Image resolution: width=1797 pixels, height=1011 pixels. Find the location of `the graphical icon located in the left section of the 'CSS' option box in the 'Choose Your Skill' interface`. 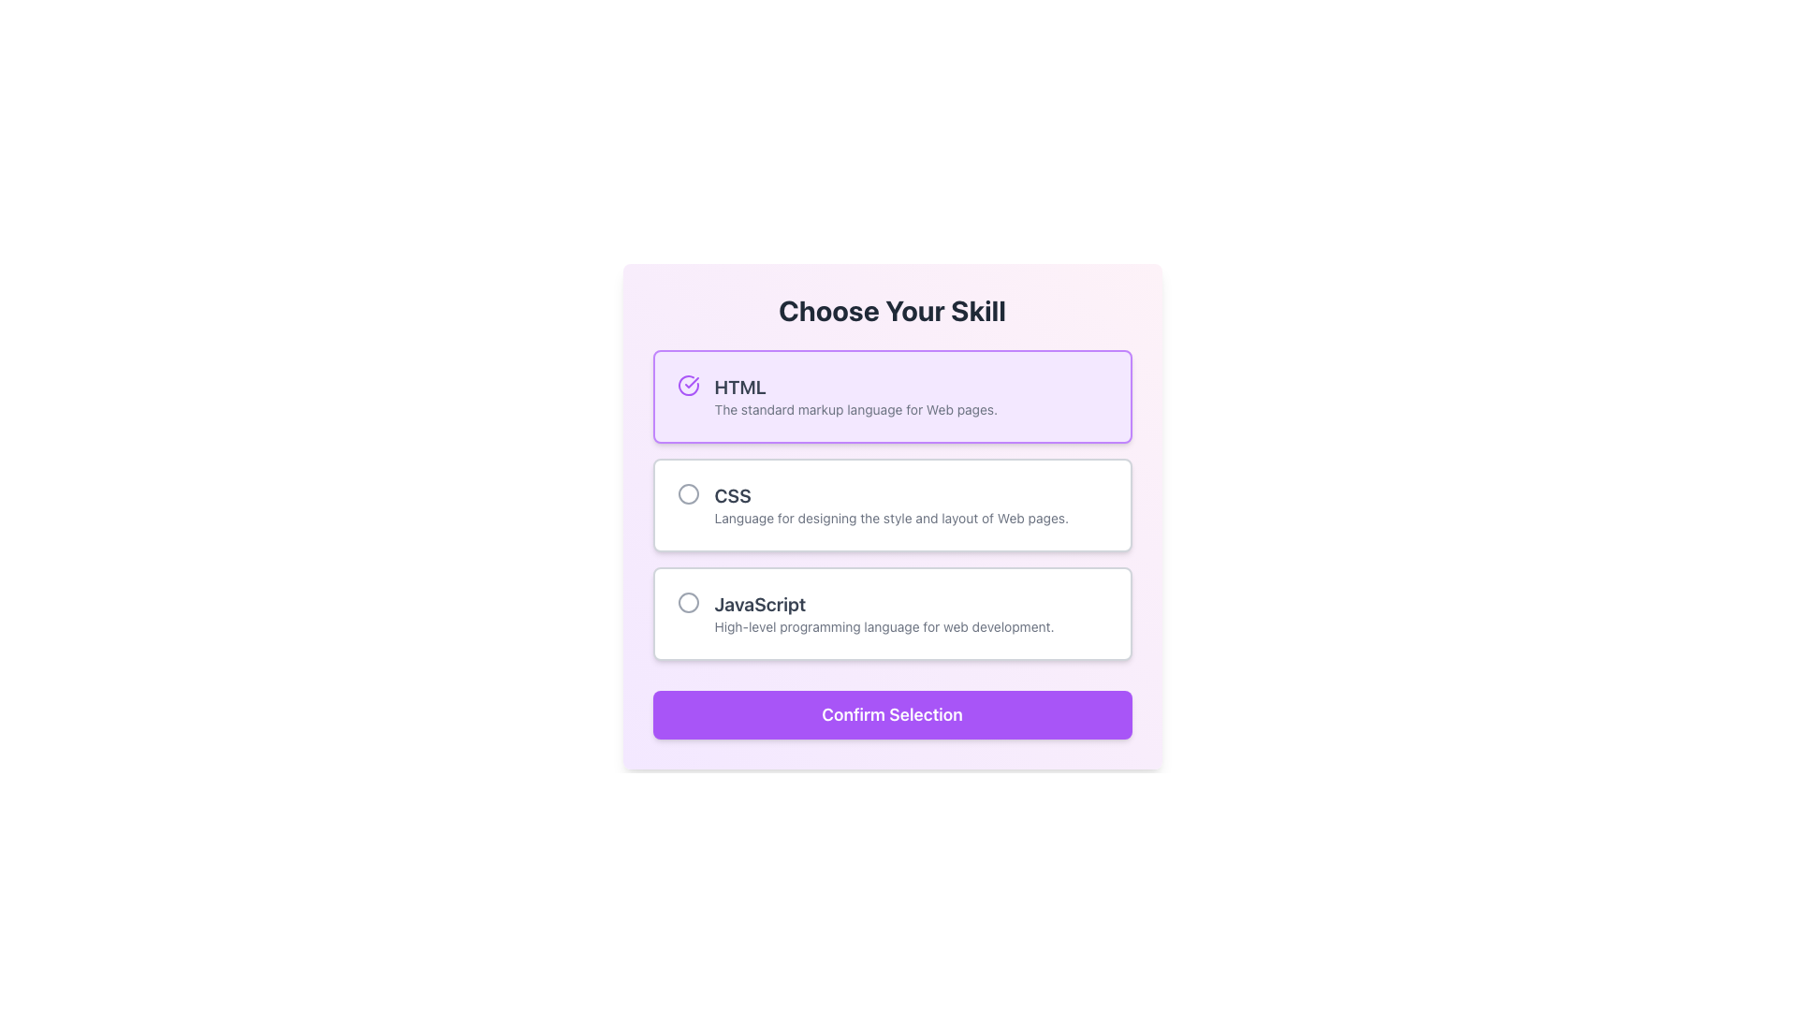

the graphical icon located in the left section of the 'CSS' option box in the 'Choose Your Skill' interface is located at coordinates (687, 493).